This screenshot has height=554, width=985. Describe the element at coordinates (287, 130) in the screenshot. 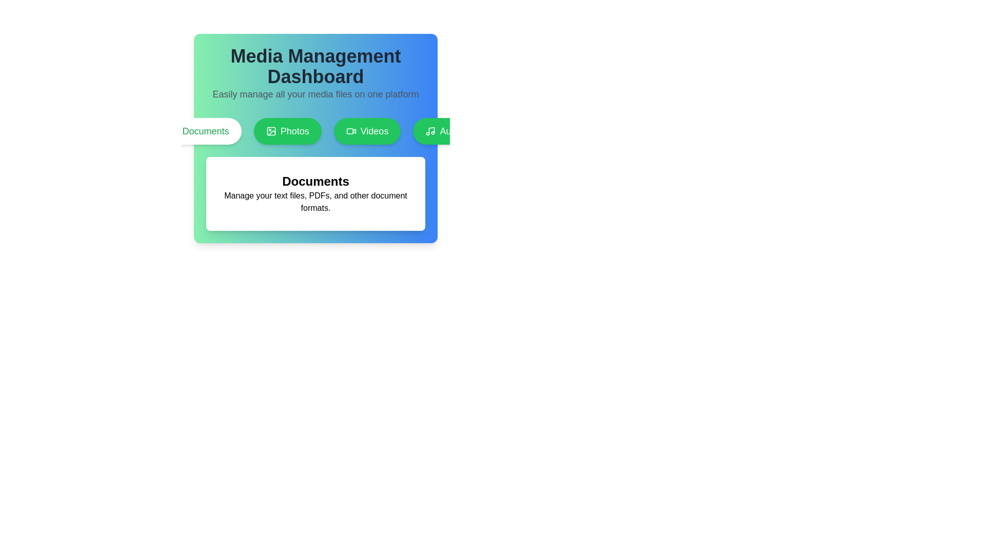

I see `the green rounded button labeled 'Photos' to observe its hover effects` at that location.